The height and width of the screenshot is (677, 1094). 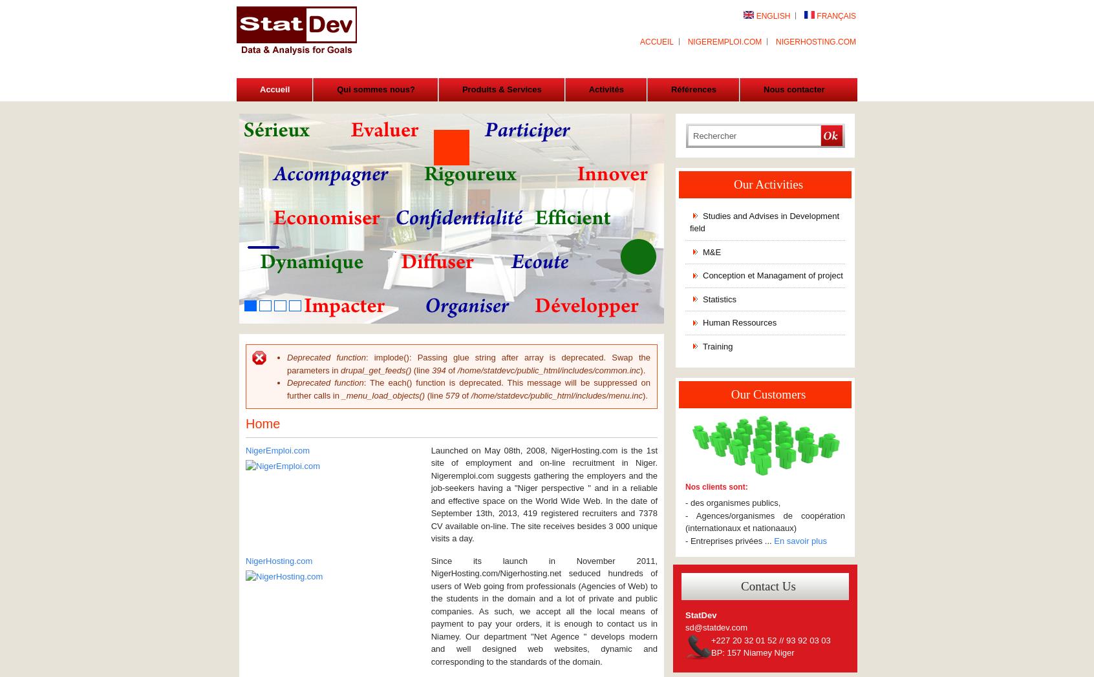 I want to click on '/home/statdevc/public_html/includes/menu.inc', so click(x=555, y=395).